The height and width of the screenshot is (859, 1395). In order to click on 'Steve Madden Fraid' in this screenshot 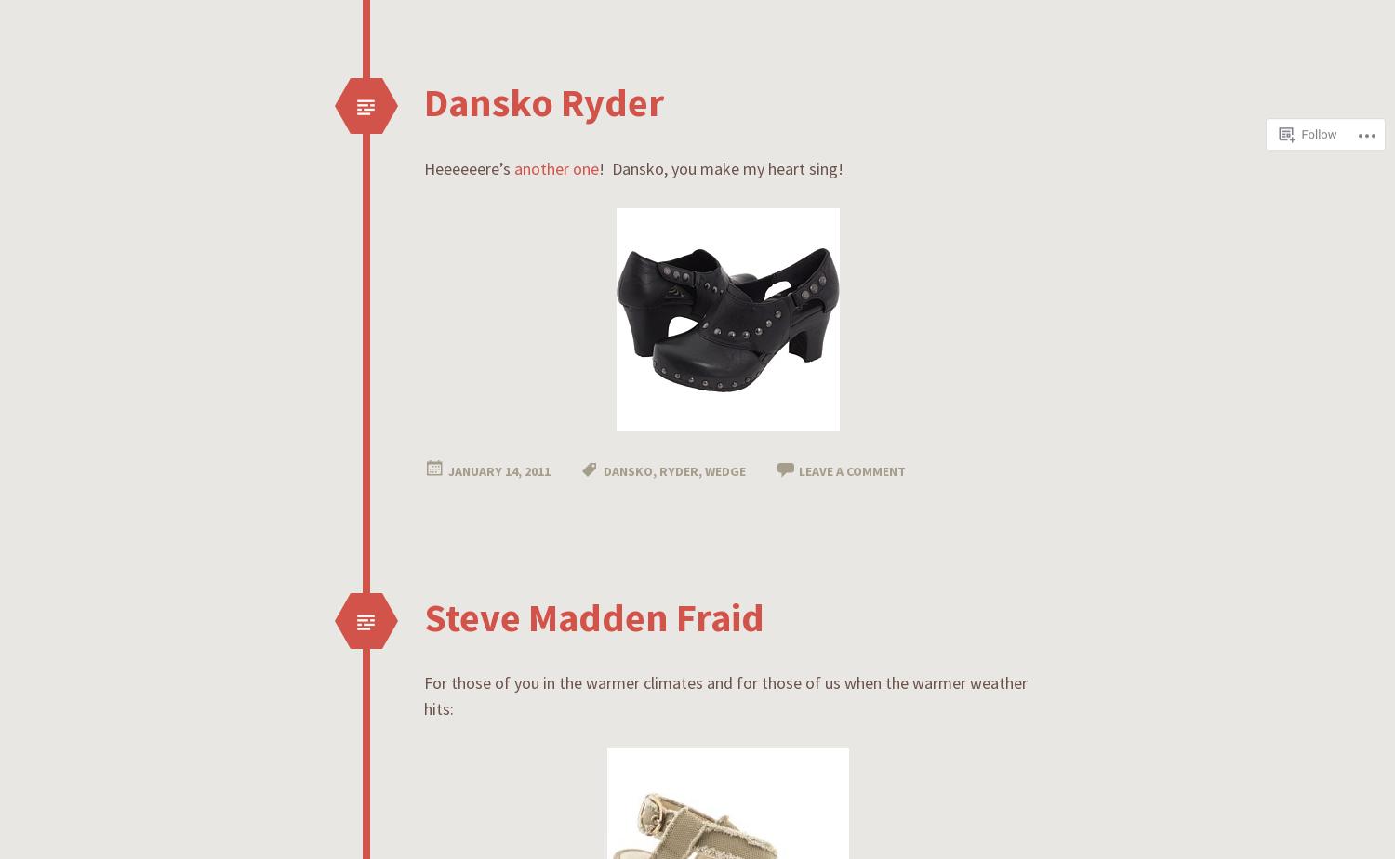, I will do `click(594, 615)`.